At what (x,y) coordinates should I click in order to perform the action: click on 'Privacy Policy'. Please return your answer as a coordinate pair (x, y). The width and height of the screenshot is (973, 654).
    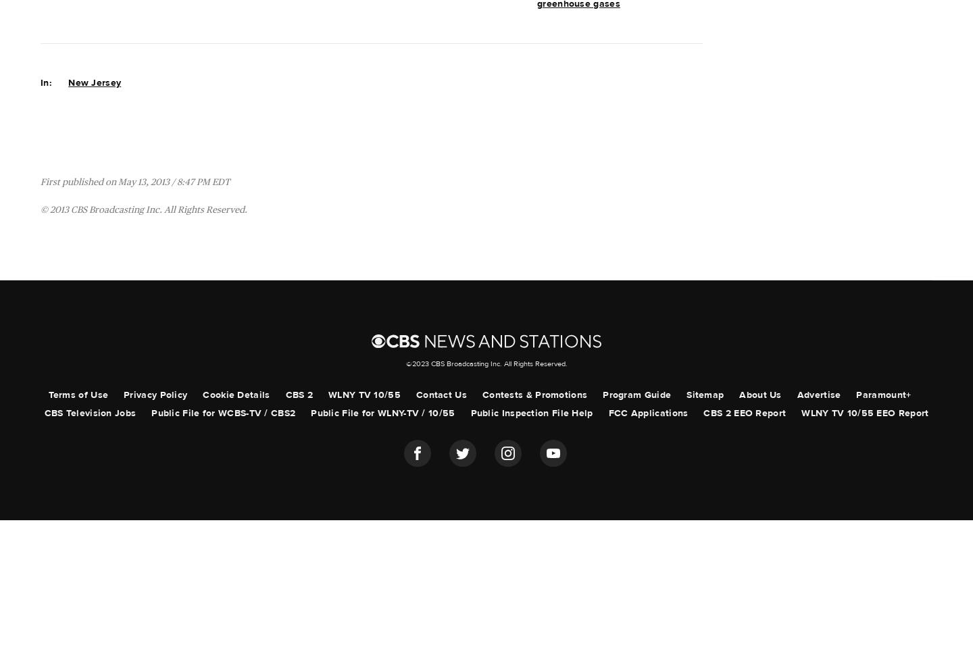
    Looking at the image, I should click on (155, 395).